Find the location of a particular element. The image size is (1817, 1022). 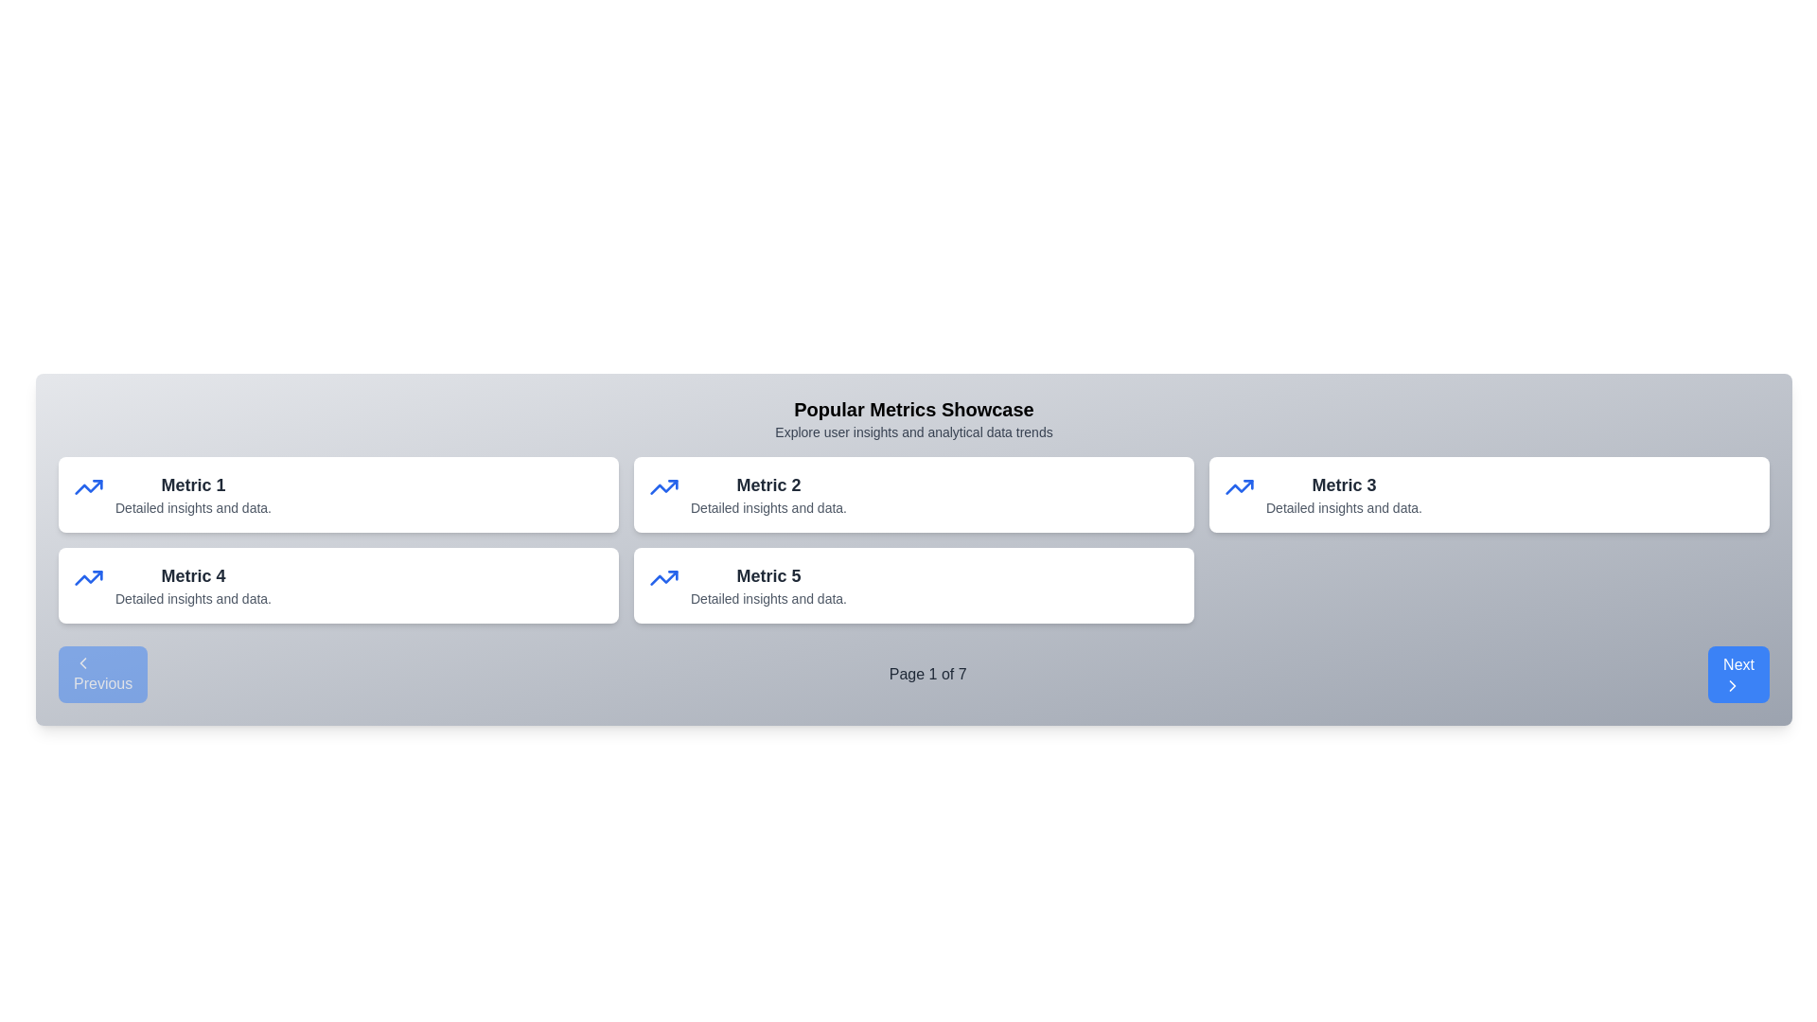

text content of the 'Metric 2' element, which is displayed in bold, larger size, and dark gray color, located in the upper-right group of the grid layout is located at coordinates (768, 485).